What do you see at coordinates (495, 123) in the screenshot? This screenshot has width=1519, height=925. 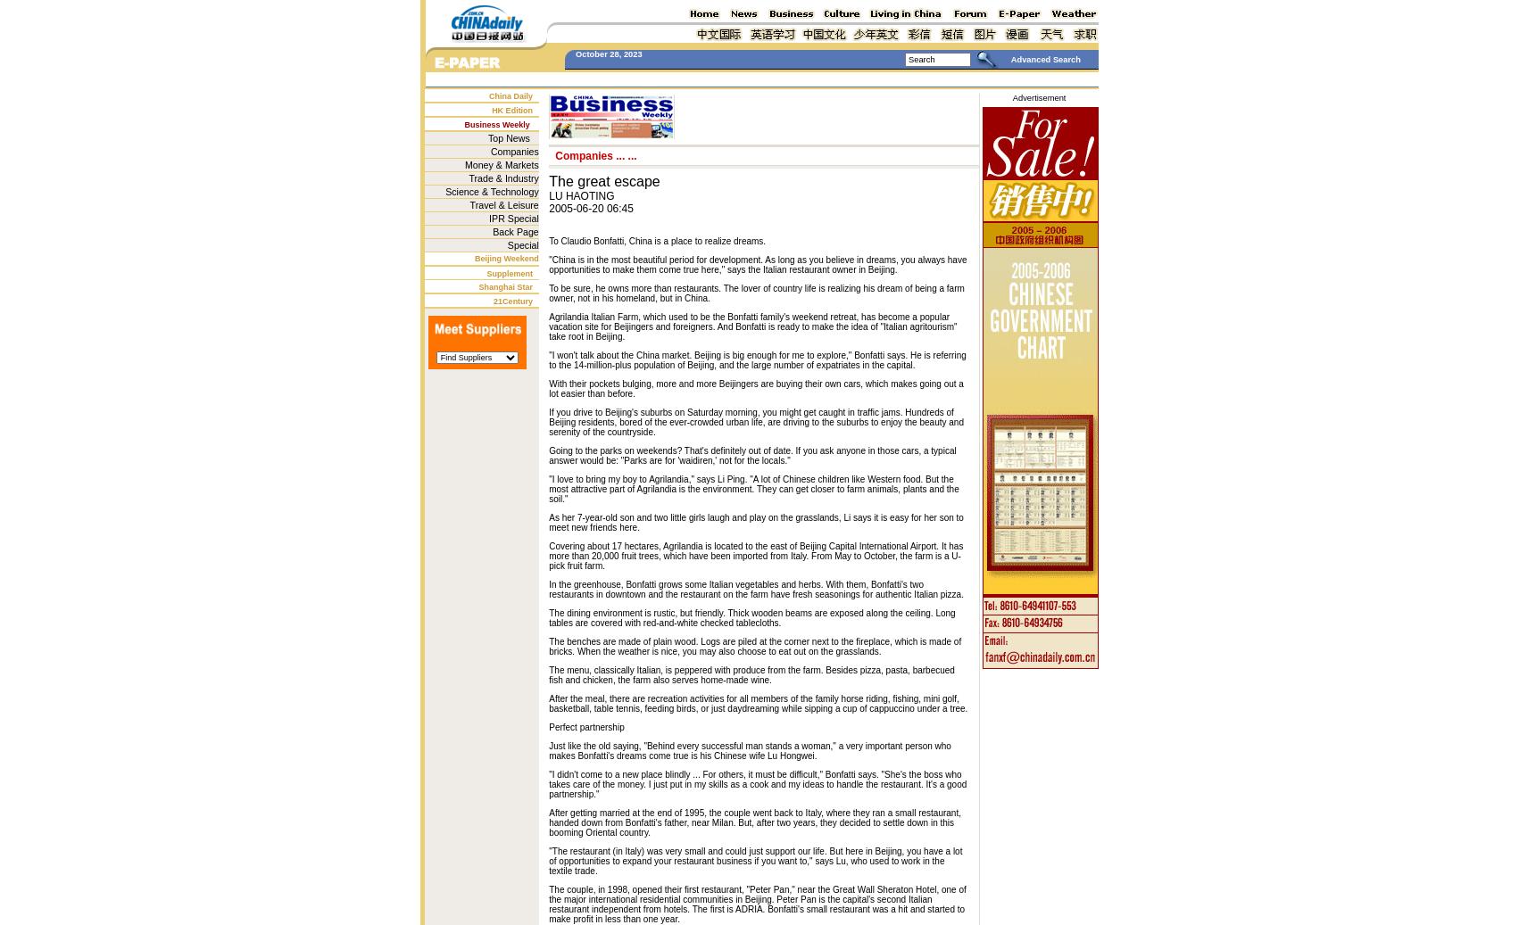 I see `'Business 
 Weekly'` at bounding box center [495, 123].